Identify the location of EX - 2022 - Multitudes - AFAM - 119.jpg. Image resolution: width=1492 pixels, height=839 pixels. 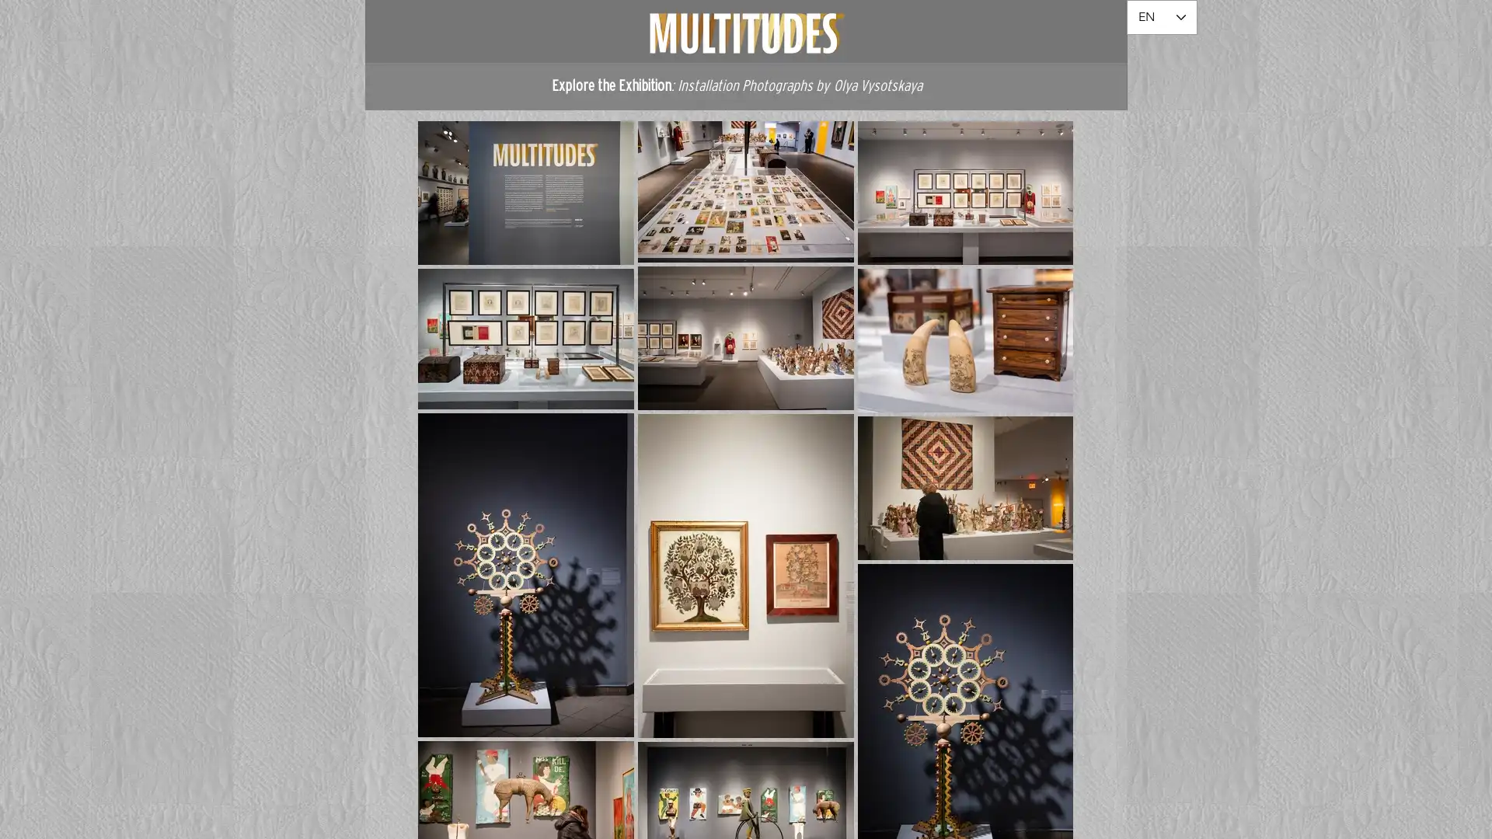
(964, 339).